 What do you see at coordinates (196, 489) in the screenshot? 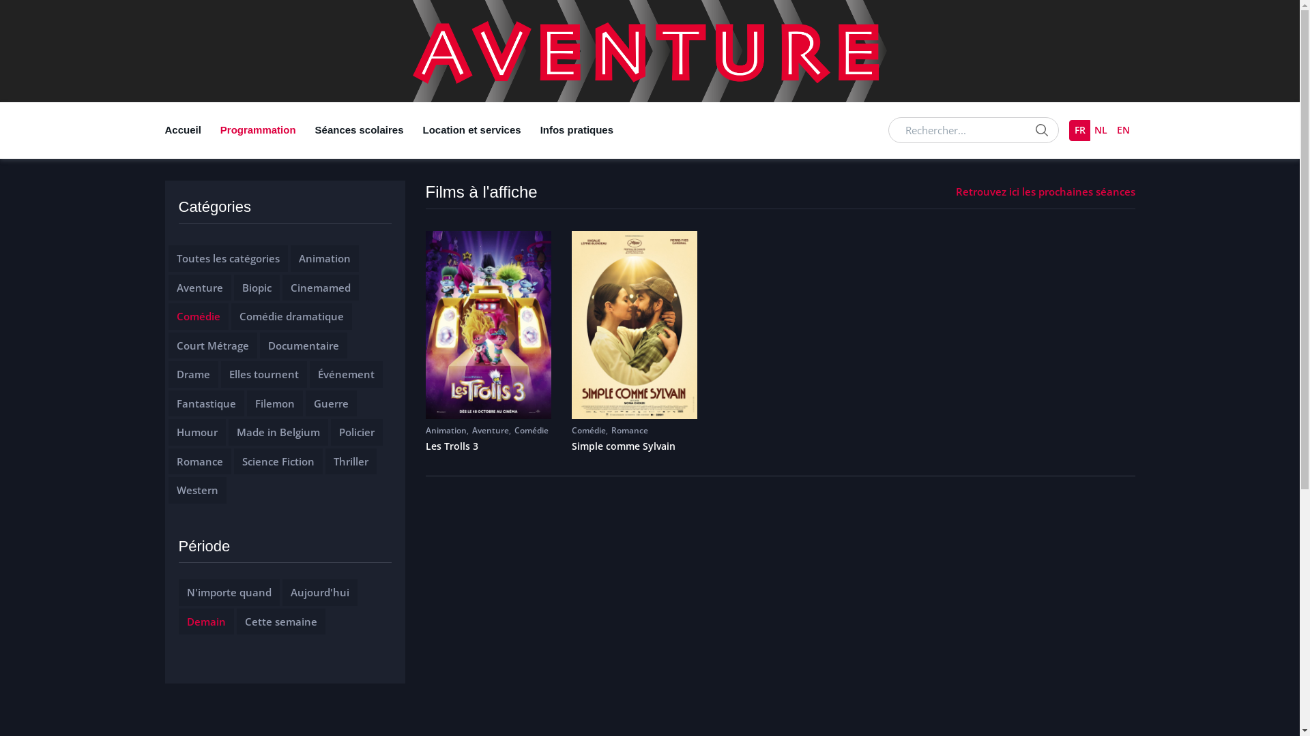
I see `'Western'` at bounding box center [196, 489].